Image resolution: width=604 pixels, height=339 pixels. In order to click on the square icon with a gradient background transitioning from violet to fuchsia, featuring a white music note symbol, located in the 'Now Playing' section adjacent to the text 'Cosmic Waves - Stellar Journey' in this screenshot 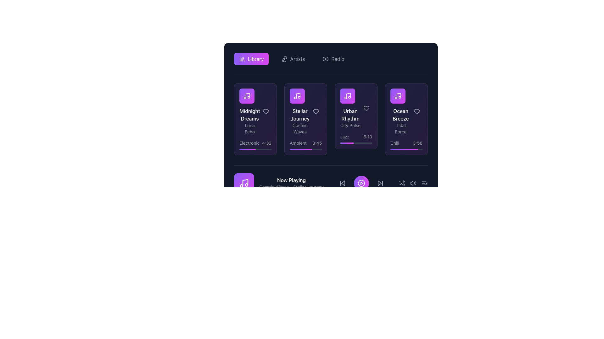, I will do `click(244, 183)`.